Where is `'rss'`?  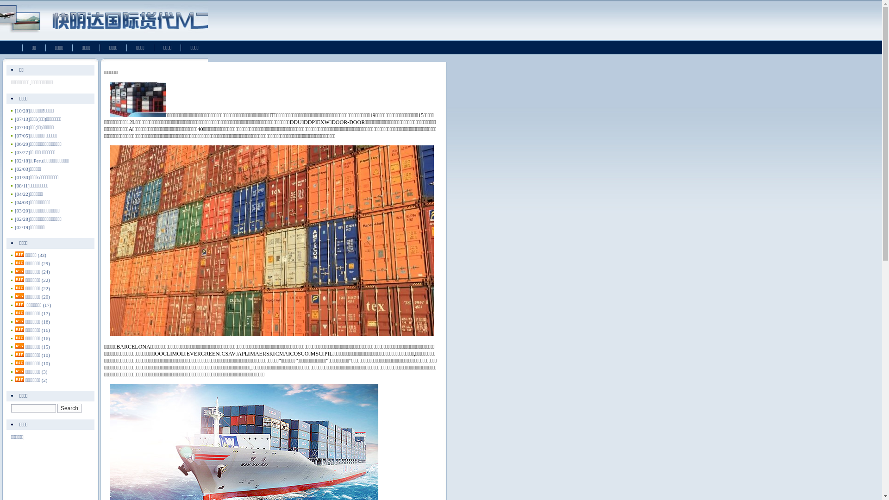
'rss' is located at coordinates (19, 262).